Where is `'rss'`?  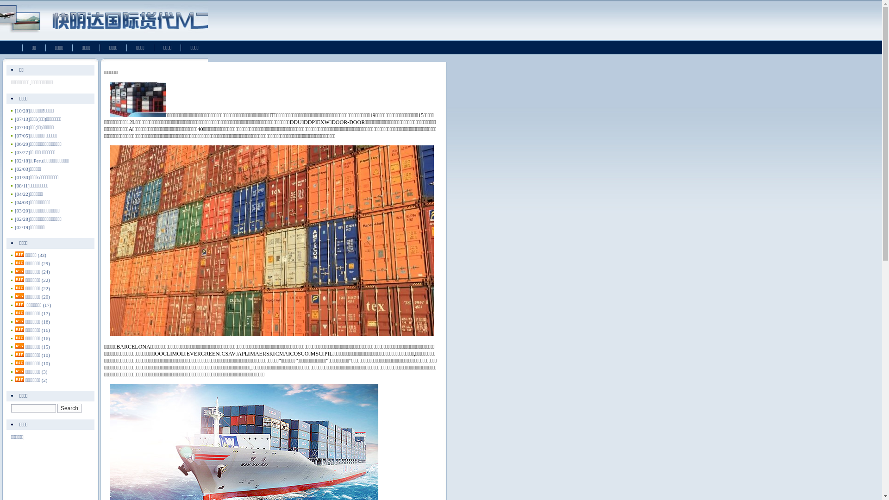
'rss' is located at coordinates (19, 262).